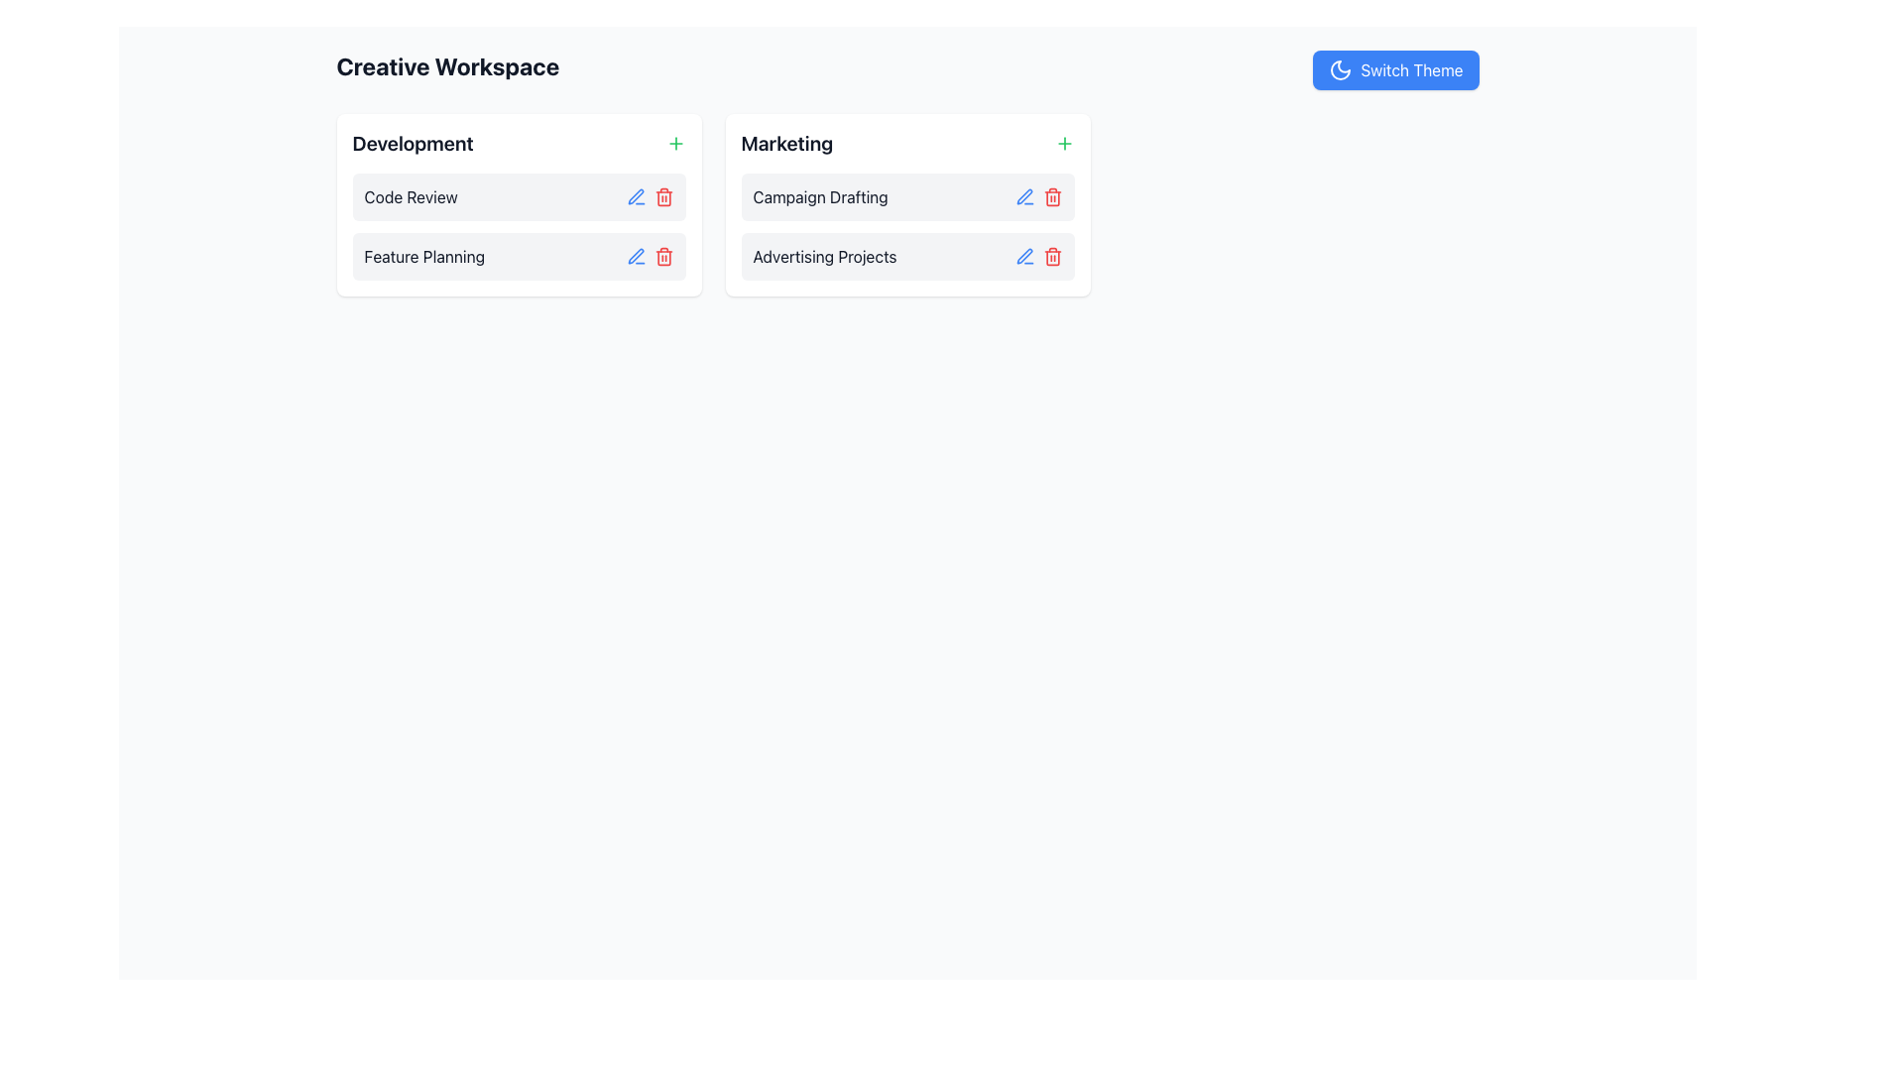 Image resolution: width=1904 pixels, height=1071 pixels. What do you see at coordinates (820, 197) in the screenshot?
I see `the text label displaying 'Campaign Drafting', which is the first item in the 'Marketing' card, positioned above 'Advertising Projects'` at bounding box center [820, 197].